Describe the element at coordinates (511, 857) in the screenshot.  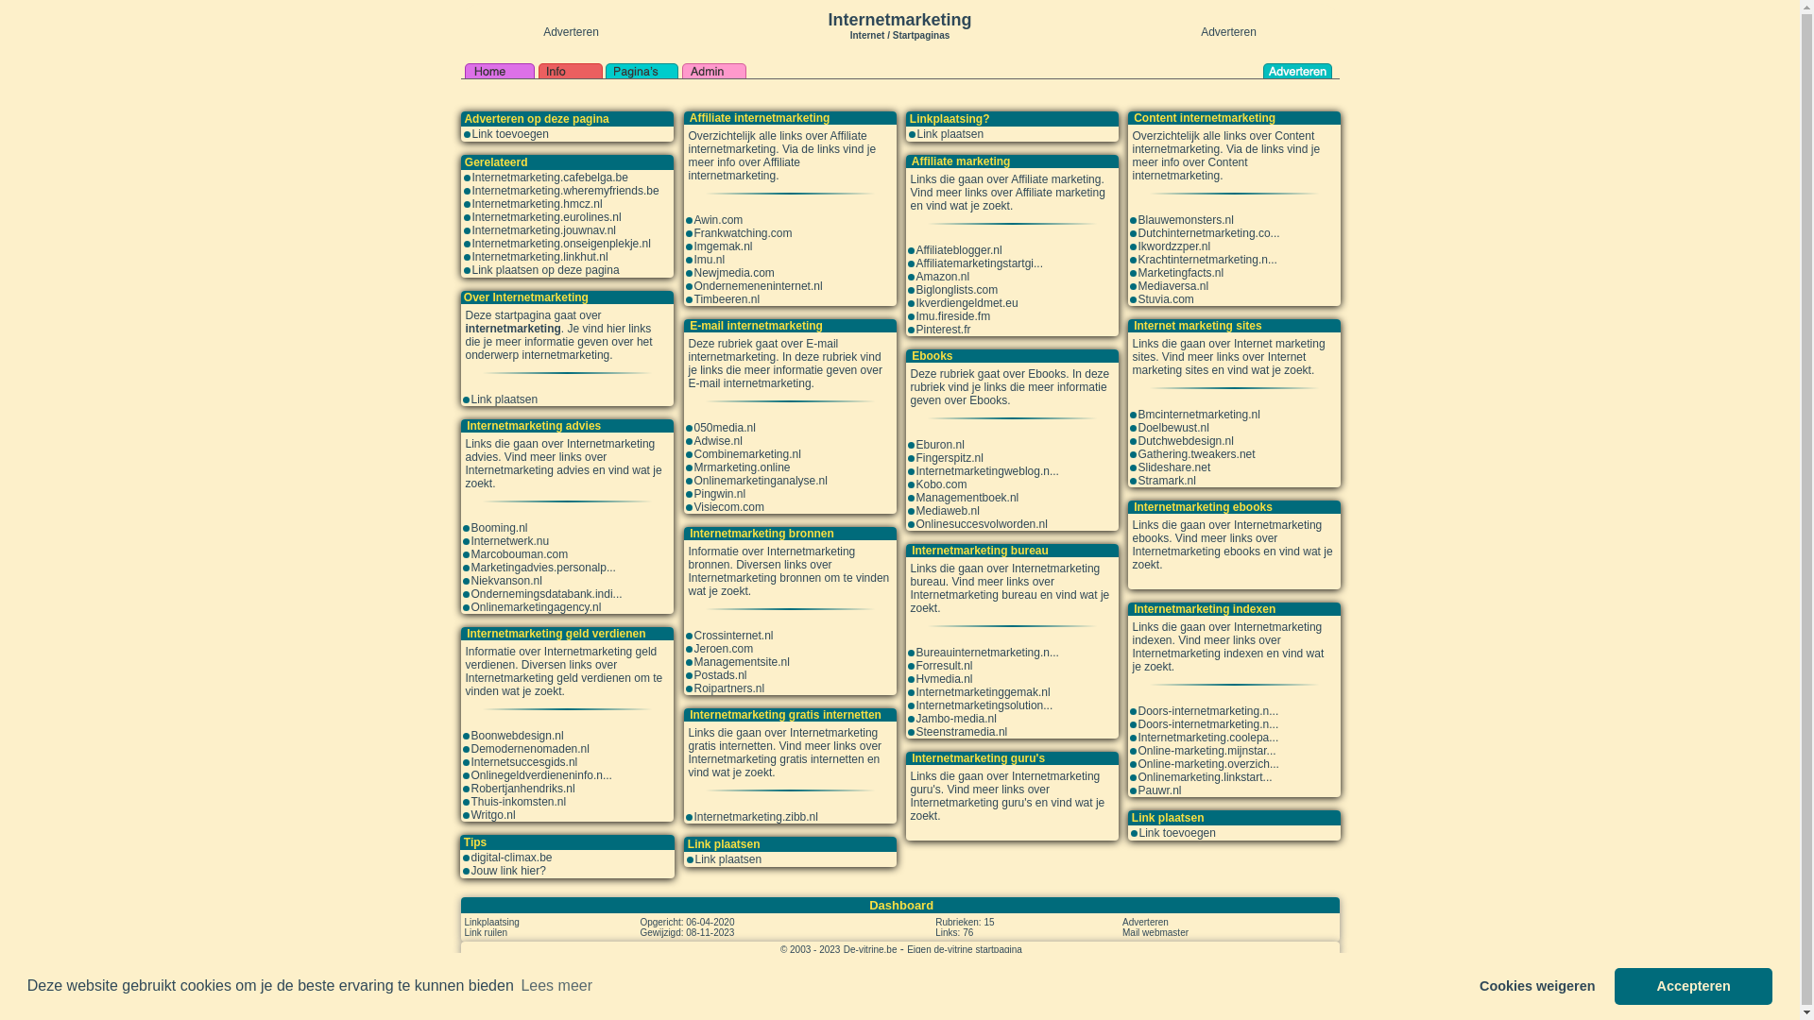
I see `'digital-climax.be'` at that location.